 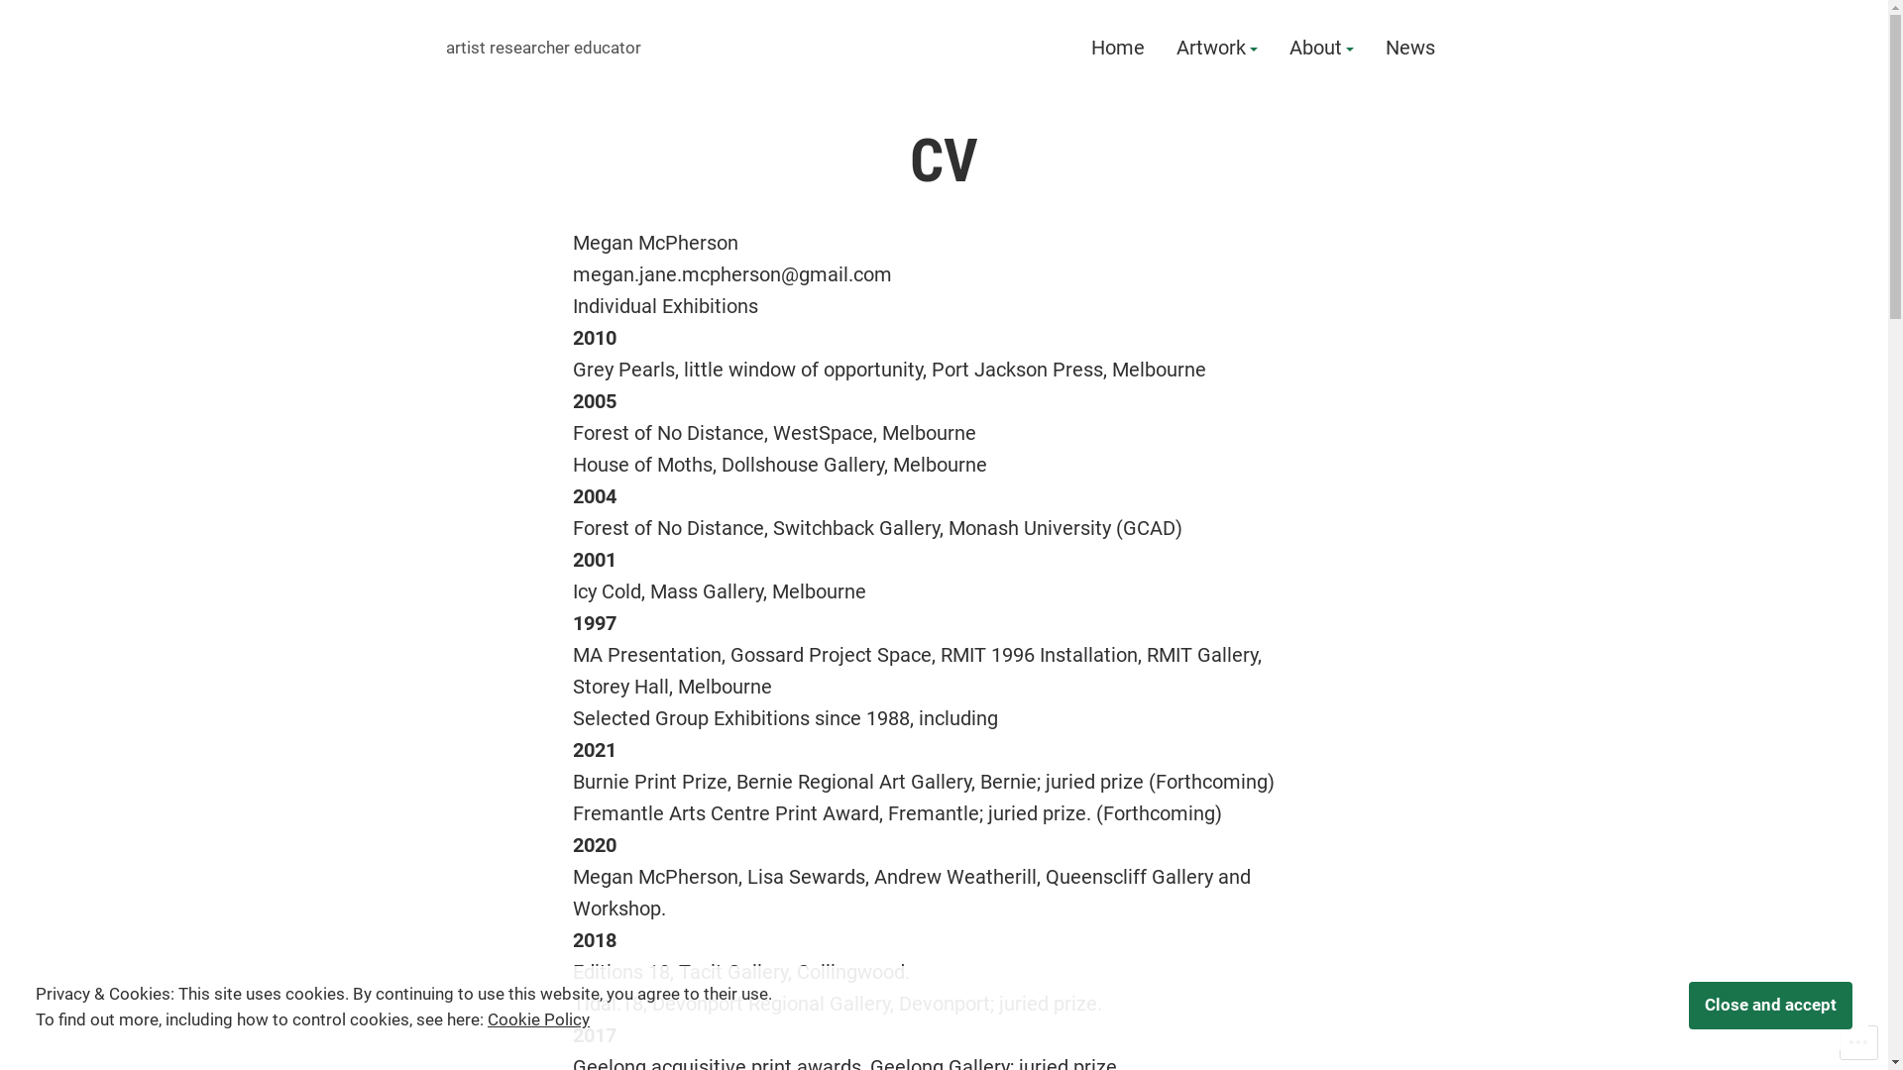 What do you see at coordinates (1408, 48) in the screenshot?
I see `'News'` at bounding box center [1408, 48].